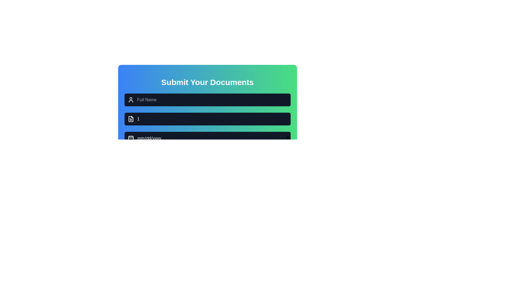  What do you see at coordinates (207, 138) in the screenshot?
I see `a date from the calendar picker in the date input field located below the 'Full Name' and '1' input fields in the 'Submit Your Documents' form` at bounding box center [207, 138].